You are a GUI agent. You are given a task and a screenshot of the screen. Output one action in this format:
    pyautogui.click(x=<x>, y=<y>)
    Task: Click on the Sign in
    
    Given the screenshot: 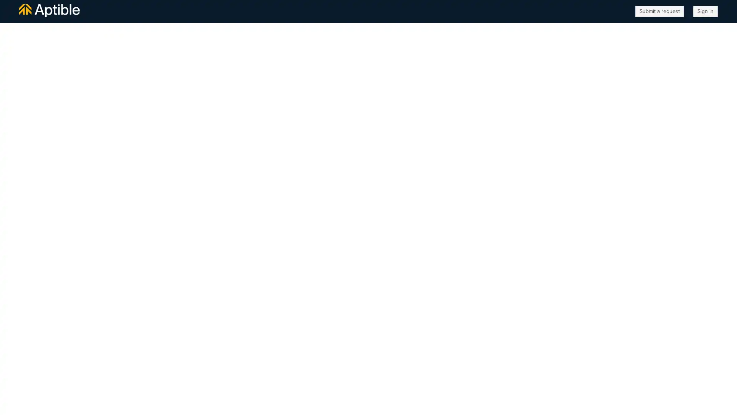 What is the action you would take?
    pyautogui.click(x=706, y=12)
    